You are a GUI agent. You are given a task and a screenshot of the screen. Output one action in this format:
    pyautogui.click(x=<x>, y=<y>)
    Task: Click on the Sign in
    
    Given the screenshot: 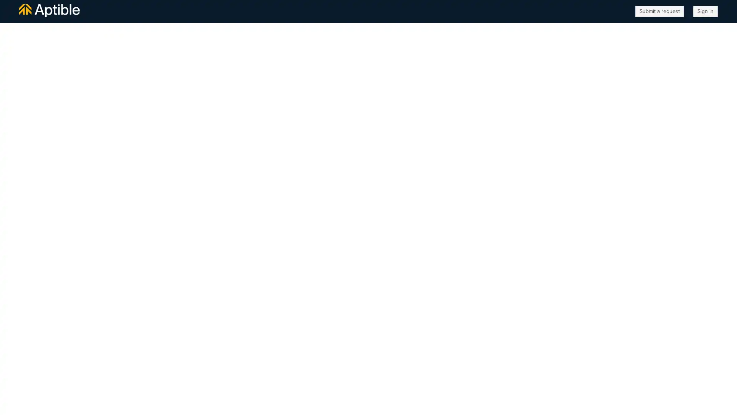 What is the action you would take?
    pyautogui.click(x=706, y=12)
    